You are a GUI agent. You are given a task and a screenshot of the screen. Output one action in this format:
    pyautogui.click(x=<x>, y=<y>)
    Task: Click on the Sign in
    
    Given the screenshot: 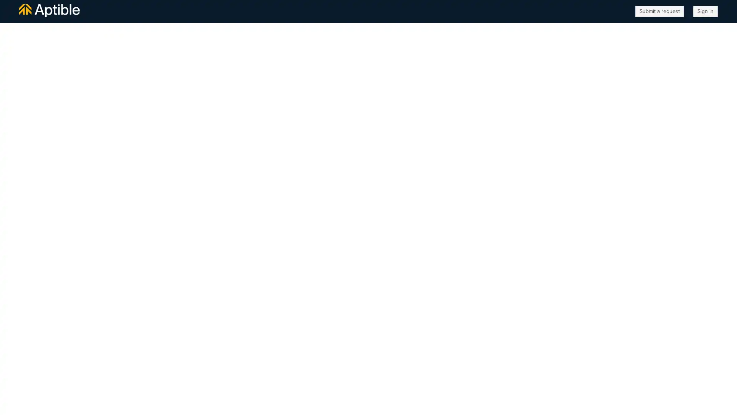 What is the action you would take?
    pyautogui.click(x=706, y=12)
    